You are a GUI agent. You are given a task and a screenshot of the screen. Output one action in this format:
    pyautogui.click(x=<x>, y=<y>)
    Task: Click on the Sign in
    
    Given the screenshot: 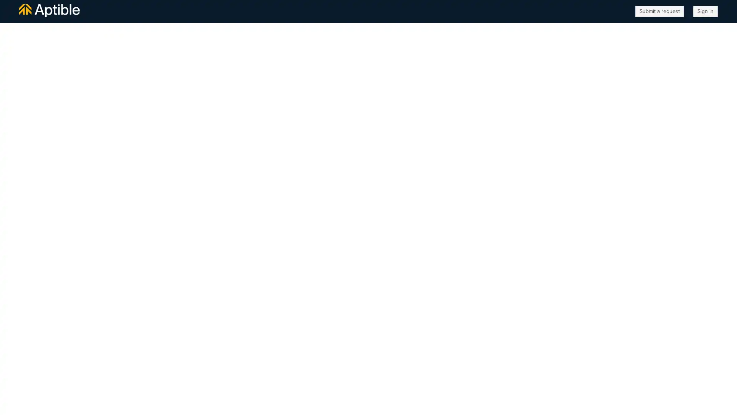 What is the action you would take?
    pyautogui.click(x=706, y=12)
    